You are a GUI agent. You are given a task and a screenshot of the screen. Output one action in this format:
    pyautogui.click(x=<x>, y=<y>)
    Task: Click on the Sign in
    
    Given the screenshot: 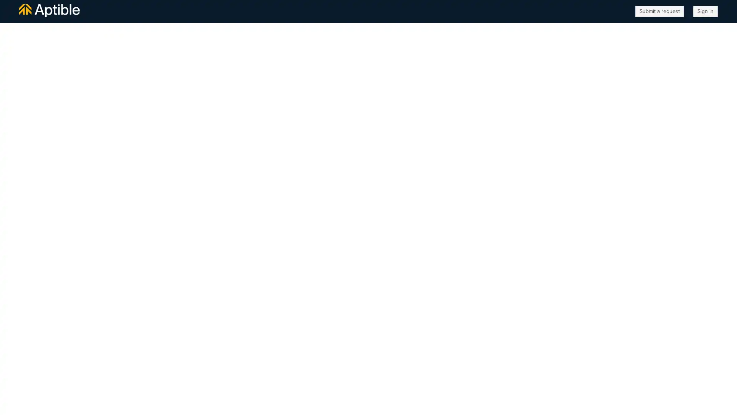 What is the action you would take?
    pyautogui.click(x=706, y=12)
    